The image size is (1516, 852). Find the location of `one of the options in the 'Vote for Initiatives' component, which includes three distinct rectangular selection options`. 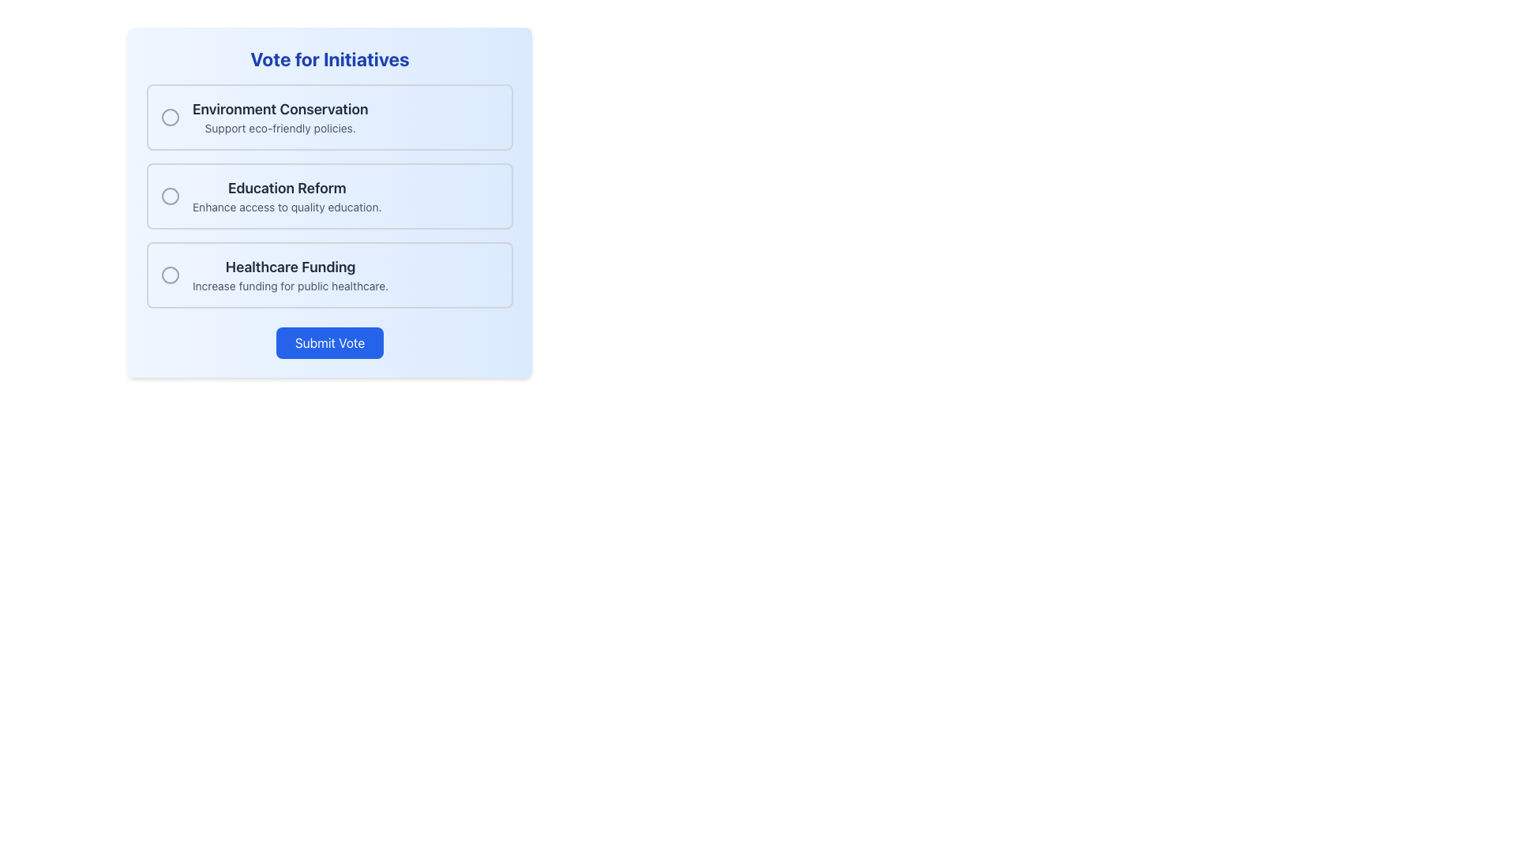

one of the options in the 'Vote for Initiatives' component, which includes three distinct rectangular selection options is located at coordinates (328, 202).